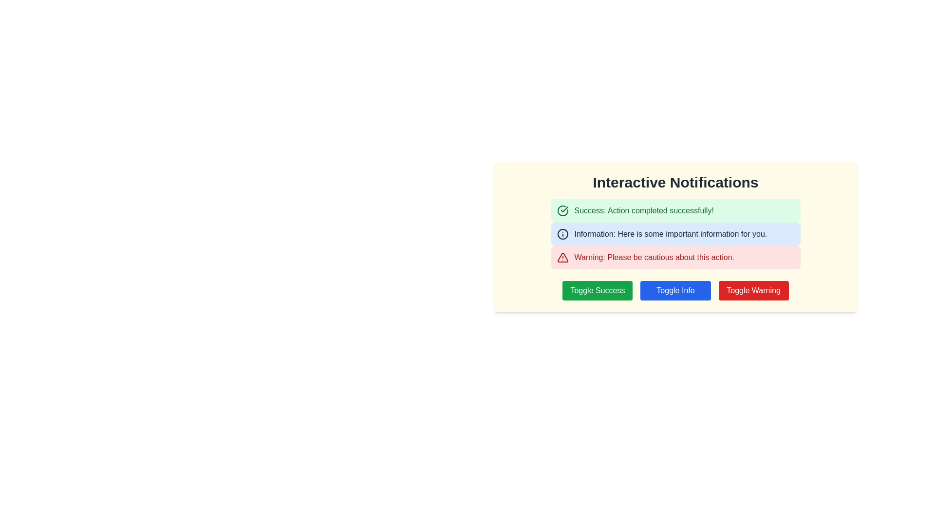  What do you see at coordinates (753, 290) in the screenshot?
I see `the right-most button that triggers warning notifications to observe the hover effect` at bounding box center [753, 290].